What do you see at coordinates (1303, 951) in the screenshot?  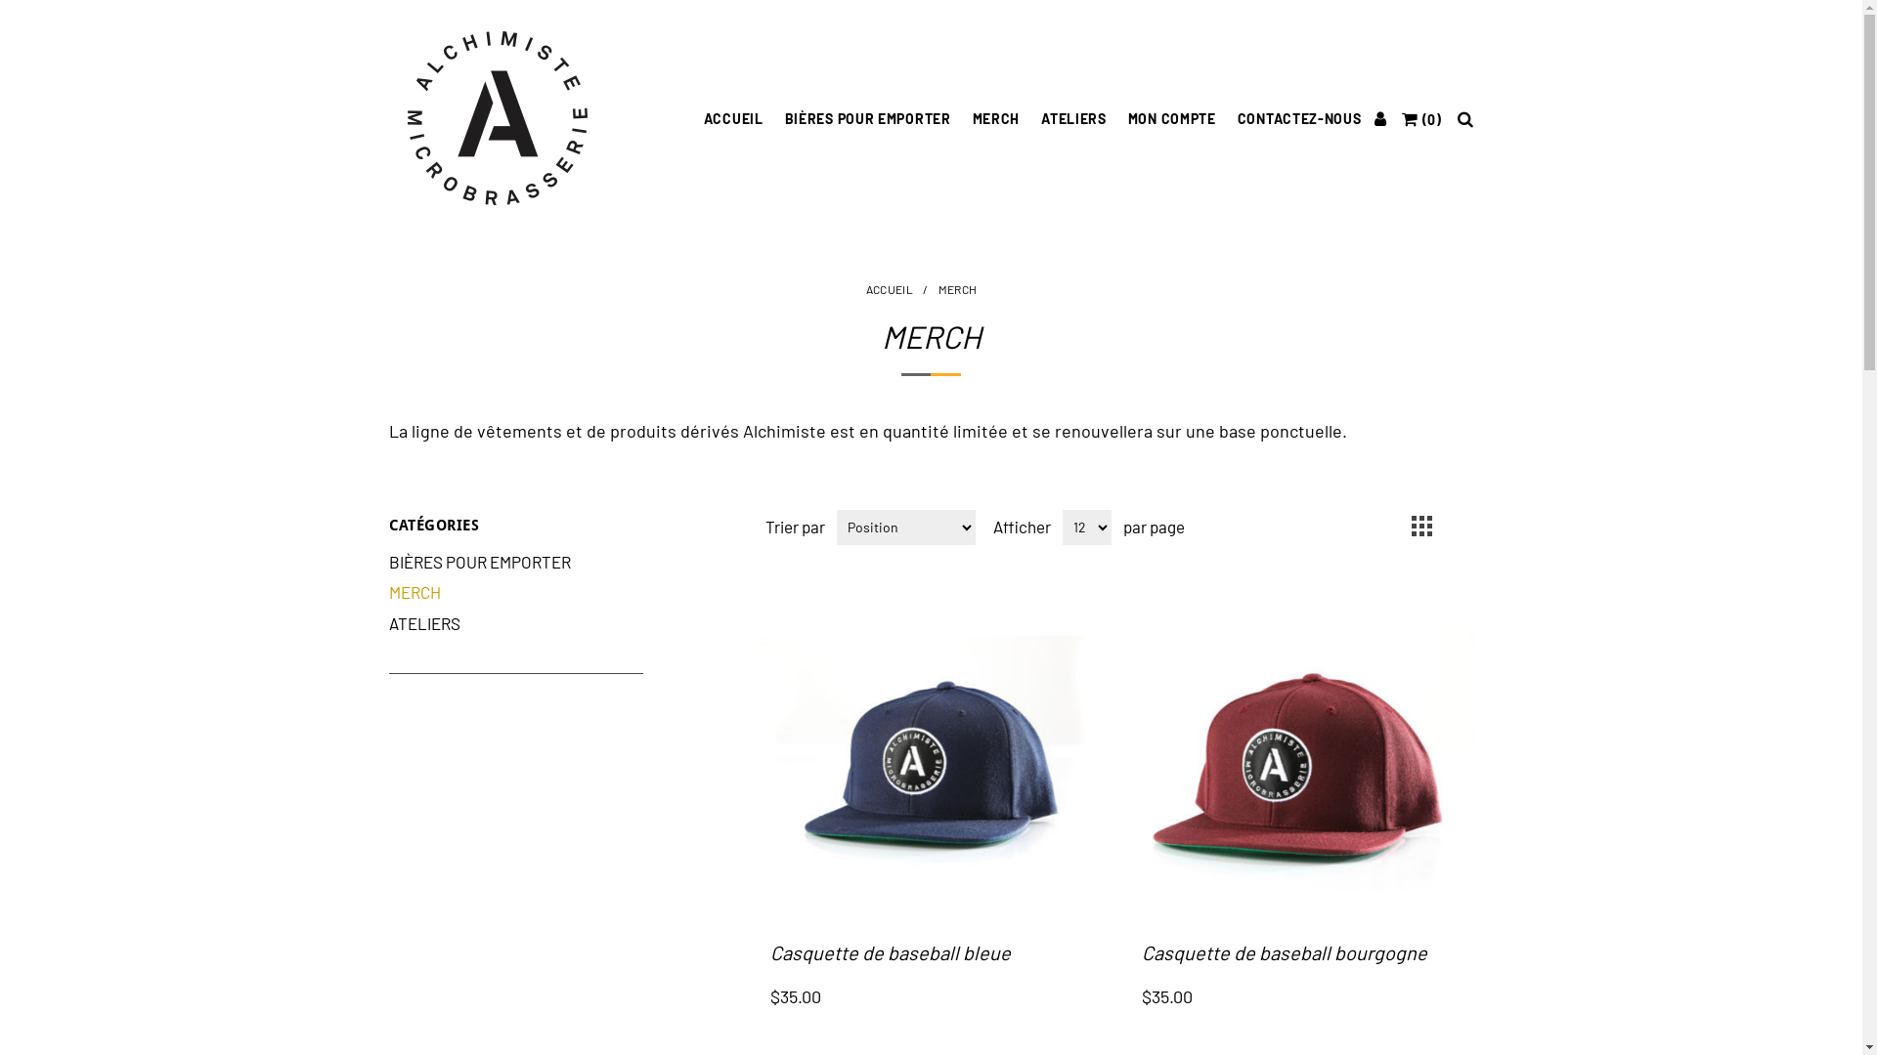 I see `'Casquette de baseball bourgogne'` at bounding box center [1303, 951].